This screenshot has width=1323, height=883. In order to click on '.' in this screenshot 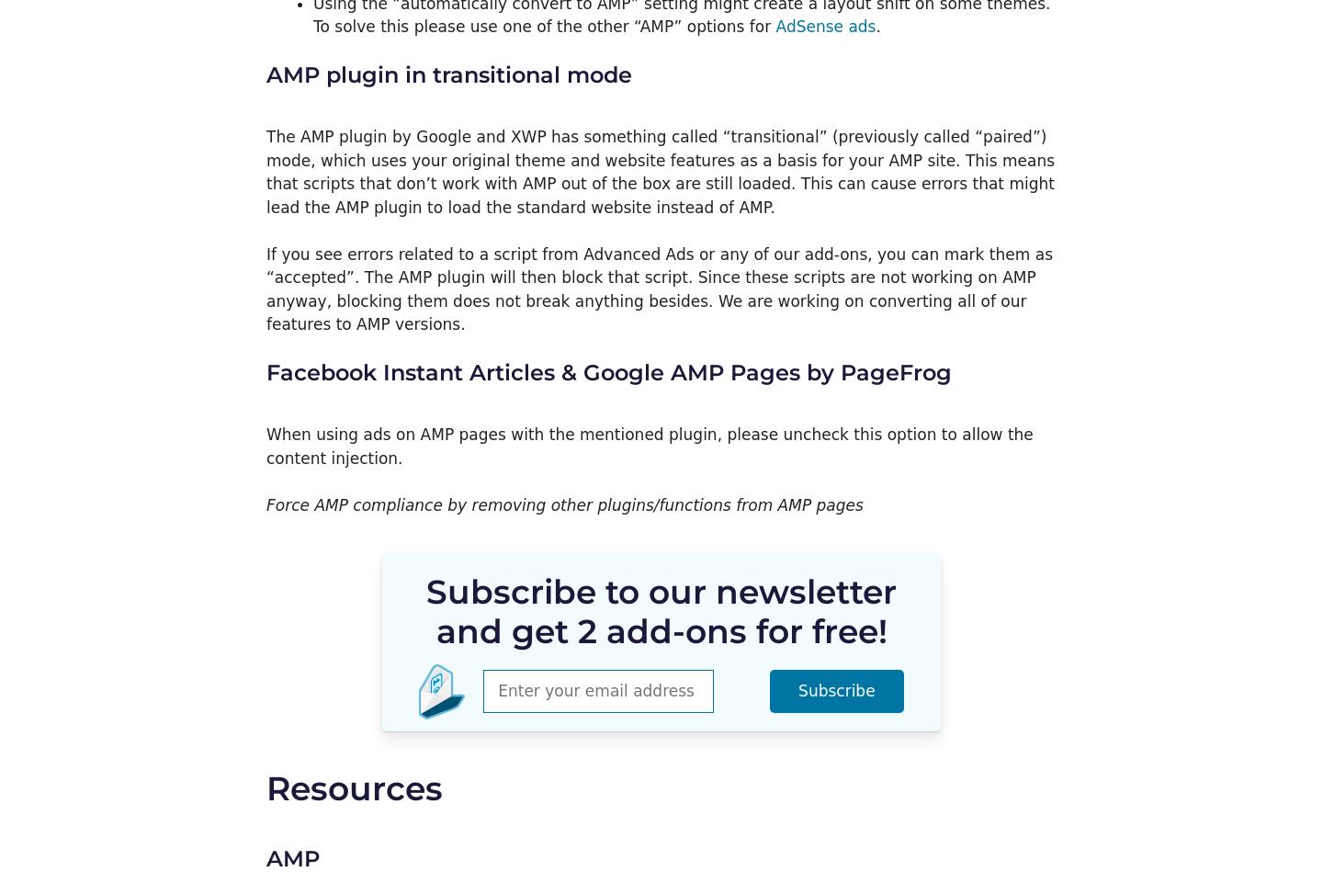, I will do `click(877, 26)`.